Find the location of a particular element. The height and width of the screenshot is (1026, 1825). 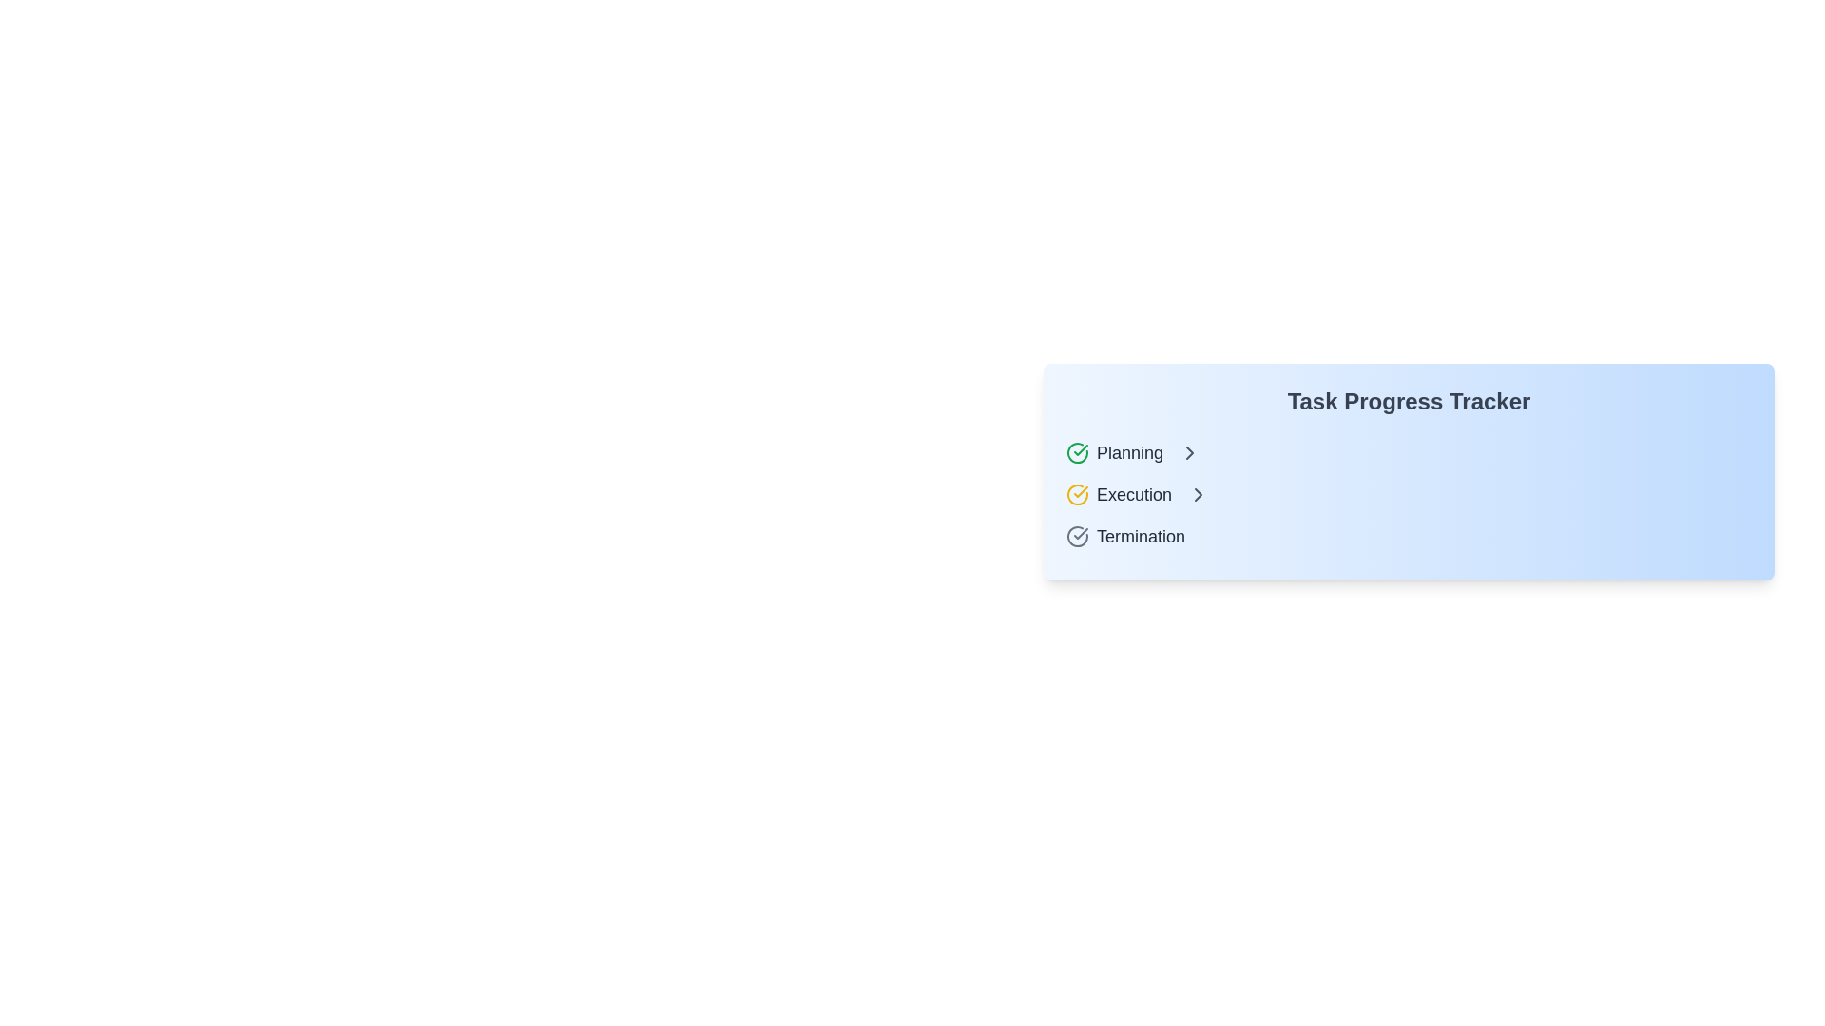

the text label that says 'Task Progress Tracker', styled in bold and gray, located at the top-left section of the panel above the 'Planning', 'Execution', and 'Termination' items is located at coordinates (1409, 401).